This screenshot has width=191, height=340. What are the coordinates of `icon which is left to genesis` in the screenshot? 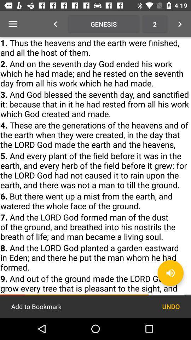 It's located at (55, 24).